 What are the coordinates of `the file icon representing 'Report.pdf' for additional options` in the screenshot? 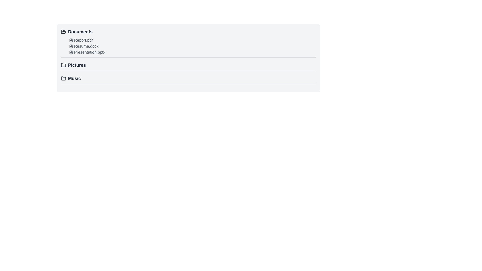 It's located at (71, 40).